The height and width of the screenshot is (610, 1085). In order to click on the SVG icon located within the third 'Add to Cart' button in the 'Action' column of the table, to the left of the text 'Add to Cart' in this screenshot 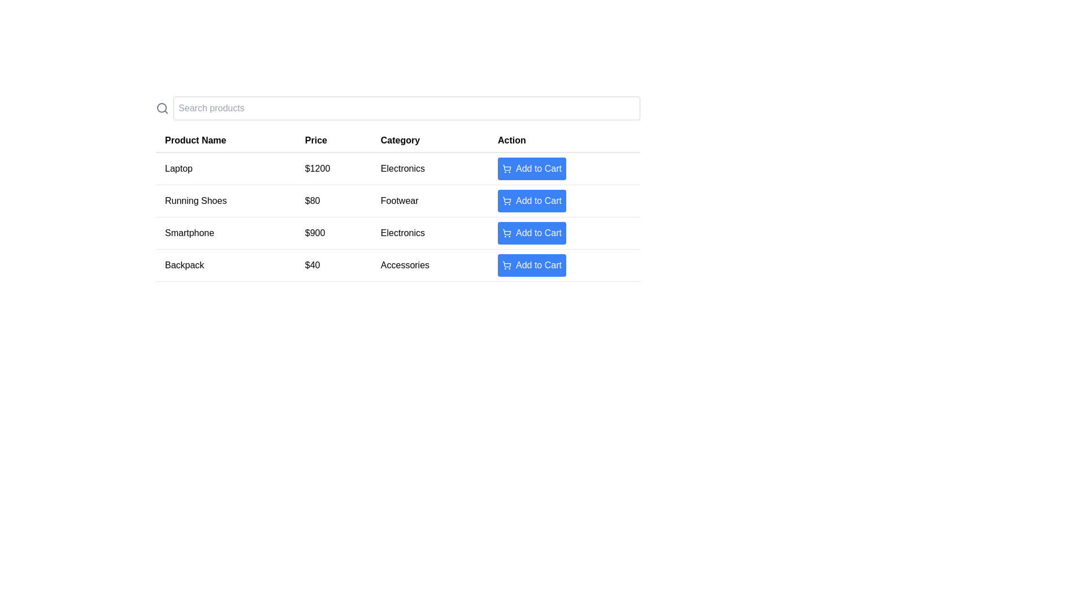, I will do `click(506, 232)`.